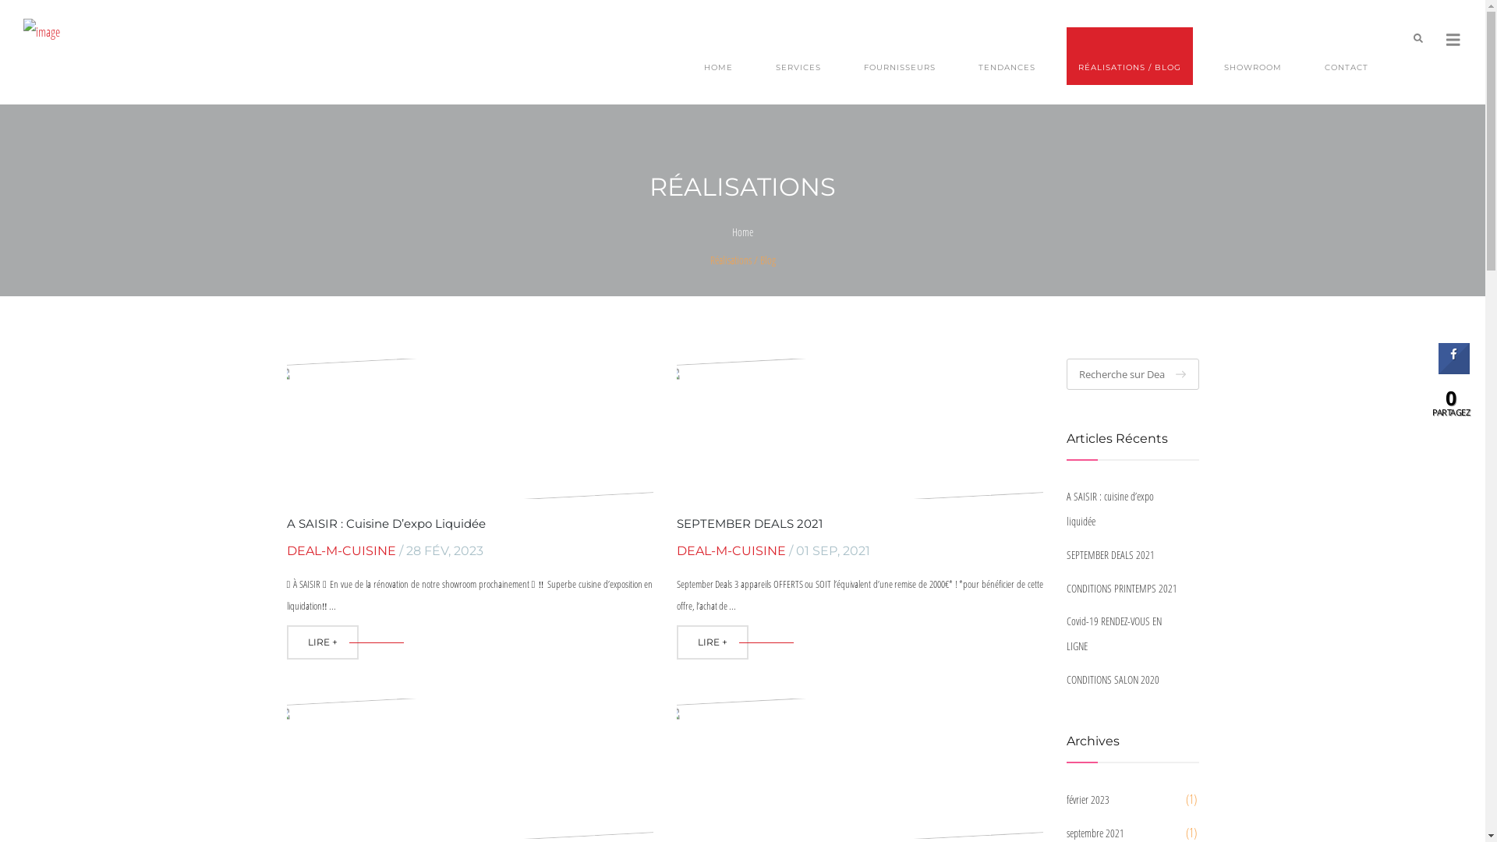 Image resolution: width=1497 pixels, height=842 pixels. I want to click on 'Home', so click(741, 232).